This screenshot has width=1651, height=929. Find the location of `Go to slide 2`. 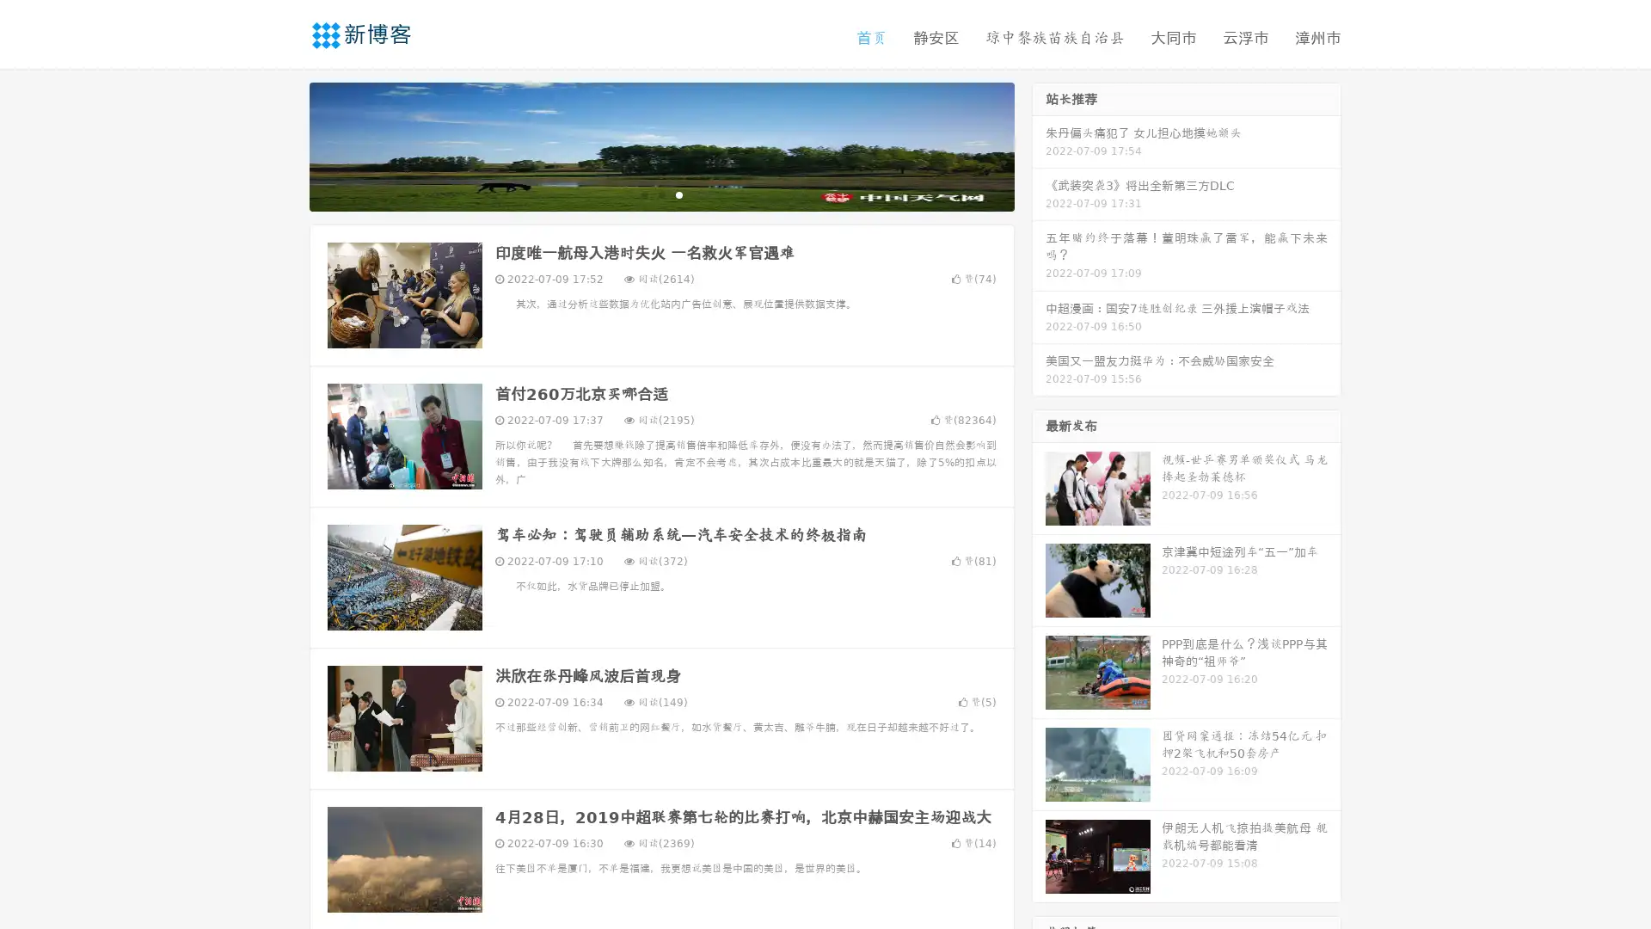

Go to slide 2 is located at coordinates (660, 194).